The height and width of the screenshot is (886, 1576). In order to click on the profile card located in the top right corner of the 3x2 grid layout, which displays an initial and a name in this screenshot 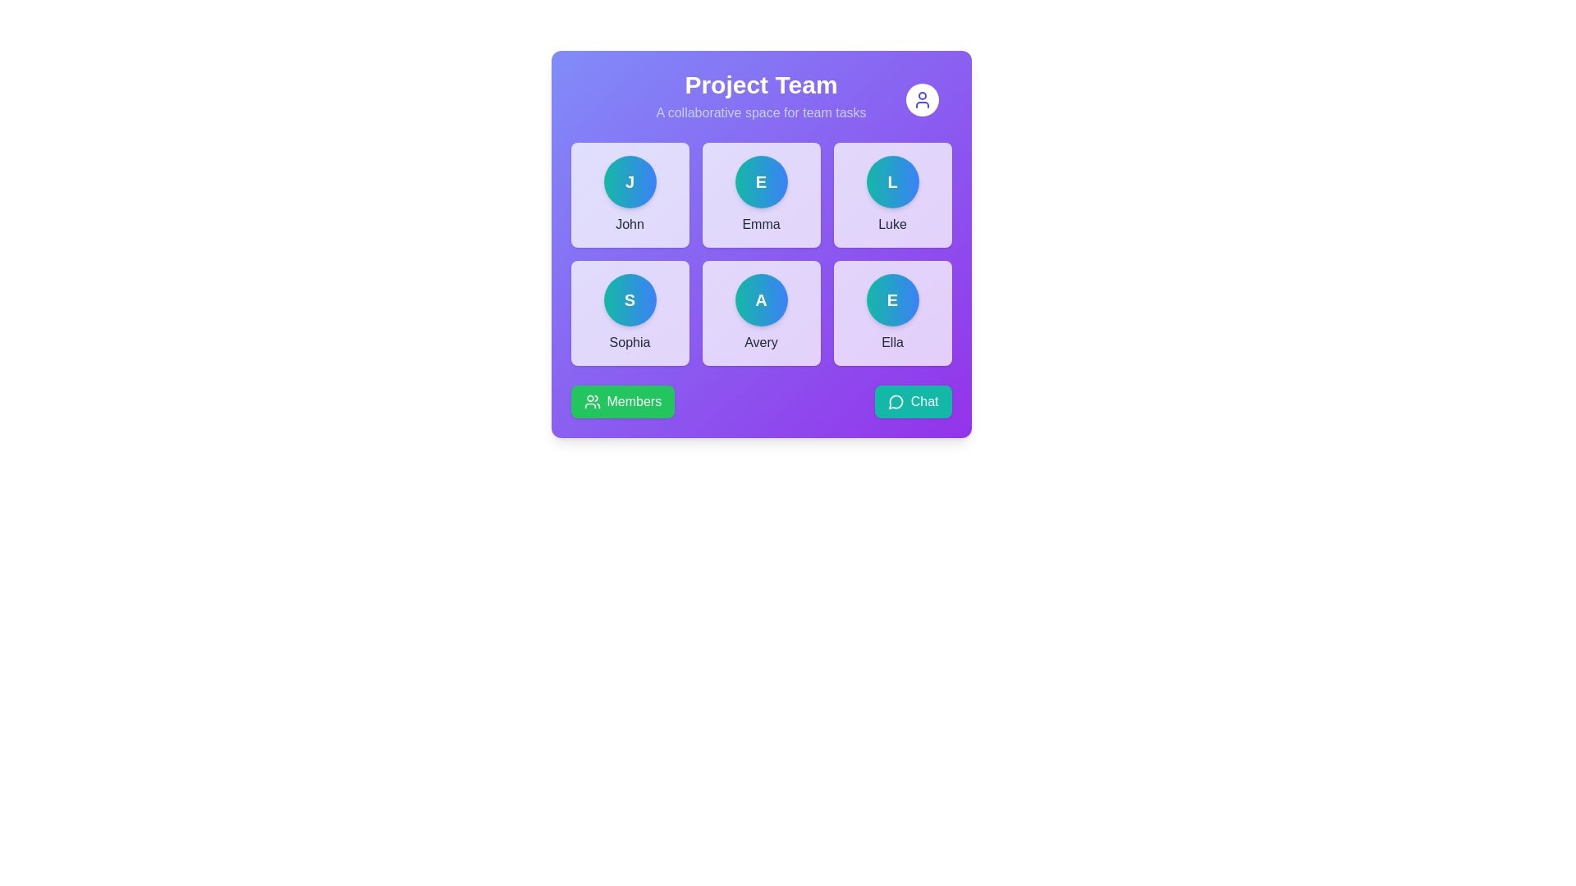, I will do `click(891, 194)`.